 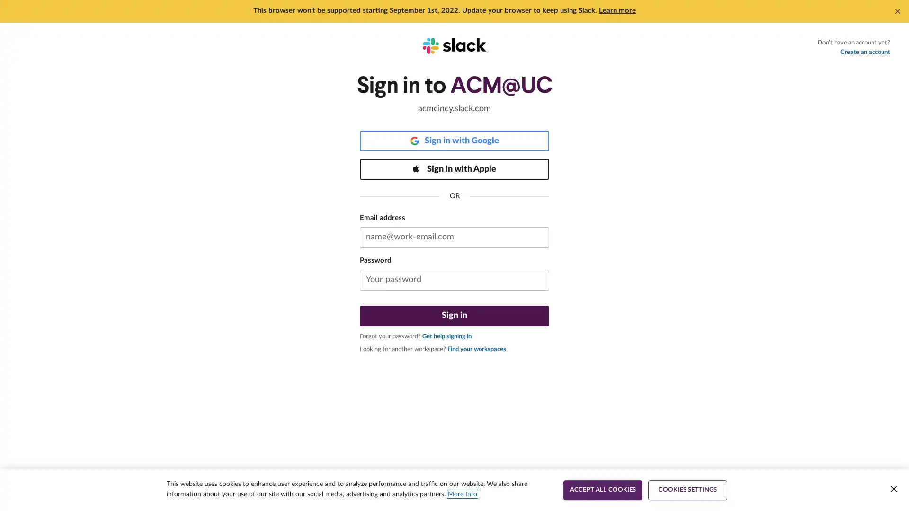 What do you see at coordinates (893, 489) in the screenshot?
I see `Close` at bounding box center [893, 489].